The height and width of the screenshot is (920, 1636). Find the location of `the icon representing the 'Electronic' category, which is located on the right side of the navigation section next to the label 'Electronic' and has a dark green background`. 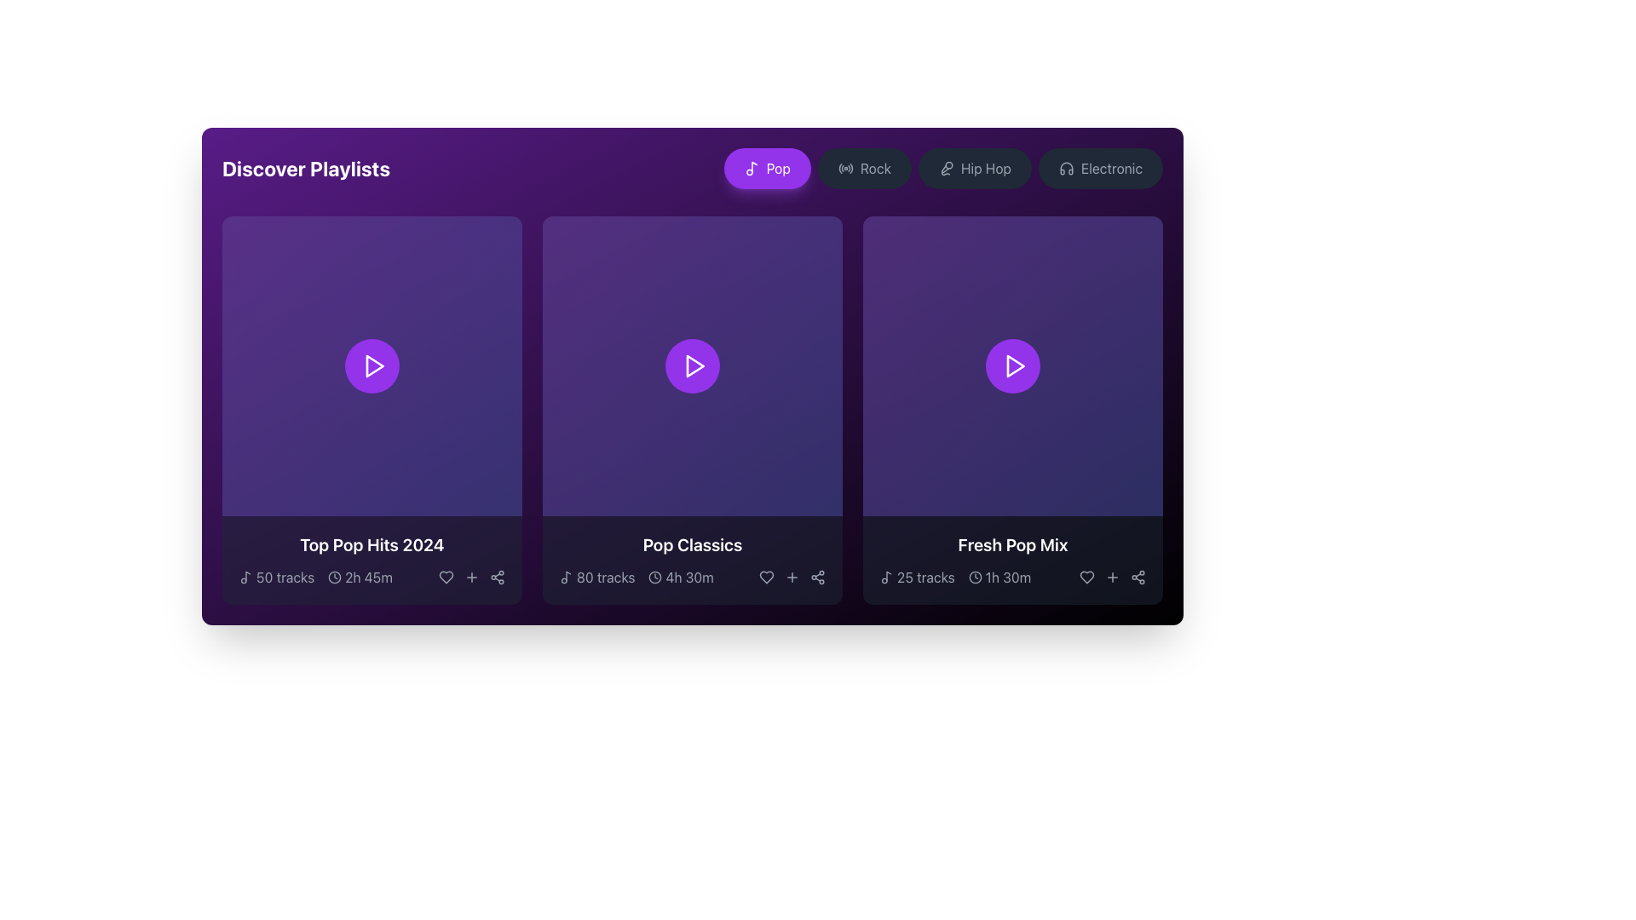

the icon representing the 'Electronic' category, which is located on the right side of the navigation section next to the label 'Electronic' and has a dark green background is located at coordinates (1065, 168).